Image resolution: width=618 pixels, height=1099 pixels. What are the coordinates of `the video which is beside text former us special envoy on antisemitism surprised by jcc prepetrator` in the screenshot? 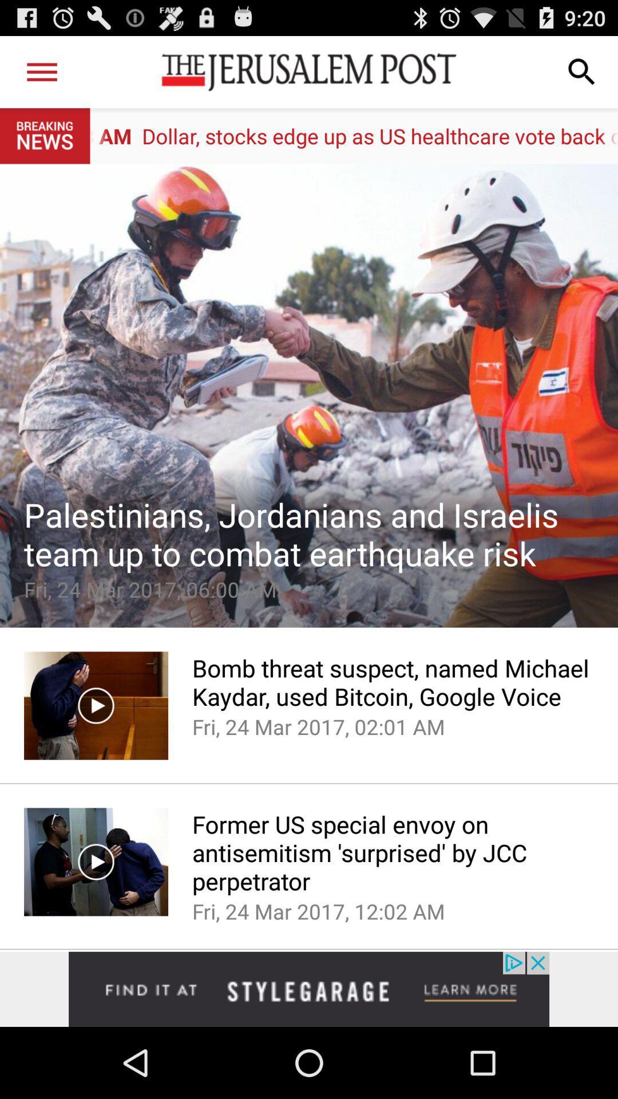 It's located at (96, 862).